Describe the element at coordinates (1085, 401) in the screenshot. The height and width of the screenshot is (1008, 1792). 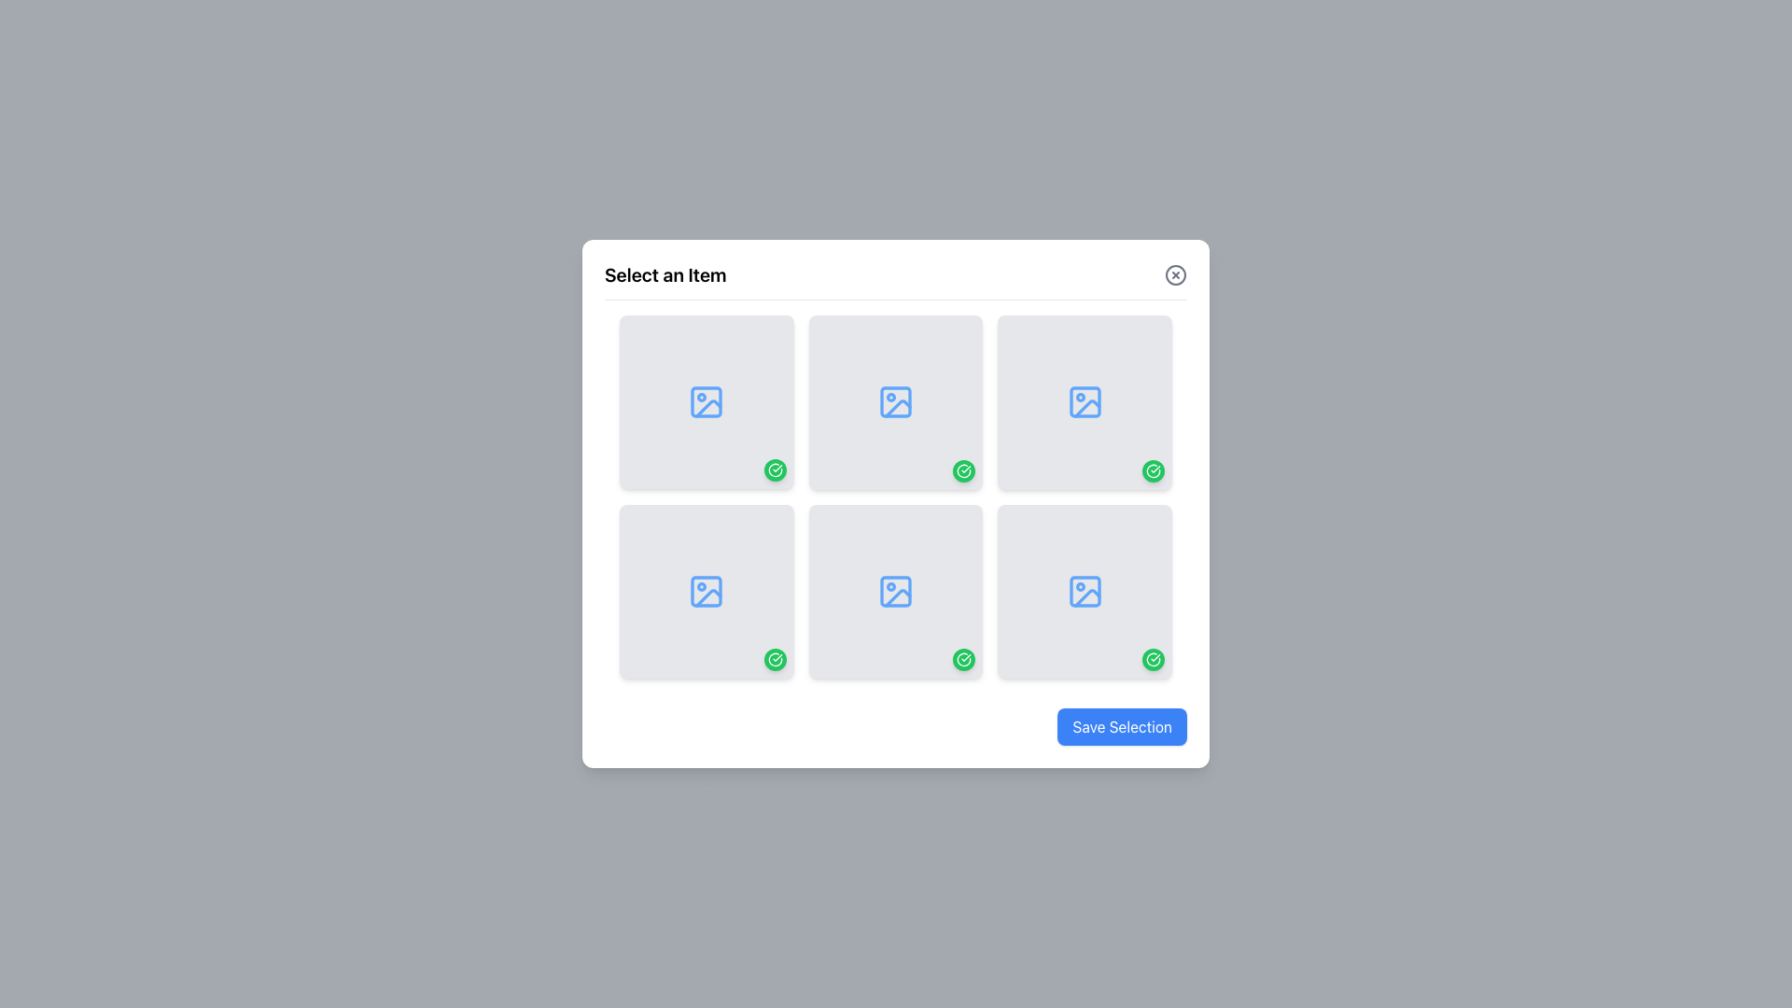
I see `the green badge on the selectable grid item that features a blue image placeholder and a white check mark inside a circle located at the bottom-right corner` at that location.